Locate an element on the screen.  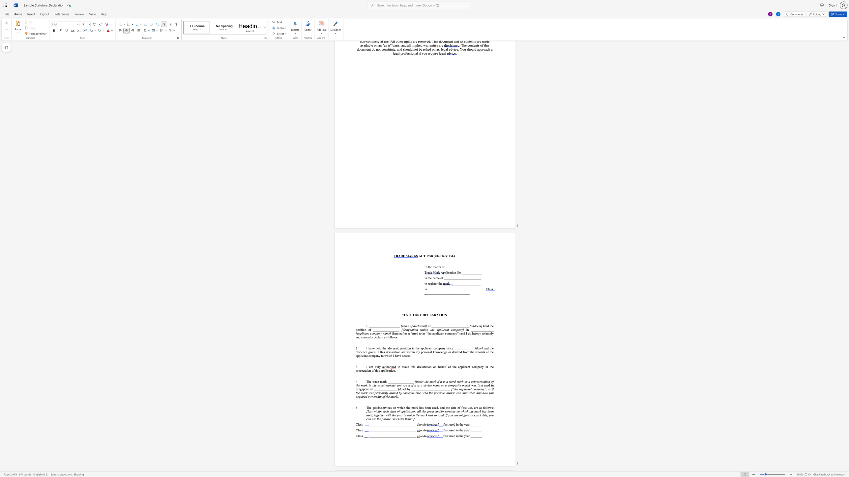
the subset text "____" within the text "_____________________________" is located at coordinates (390, 430).